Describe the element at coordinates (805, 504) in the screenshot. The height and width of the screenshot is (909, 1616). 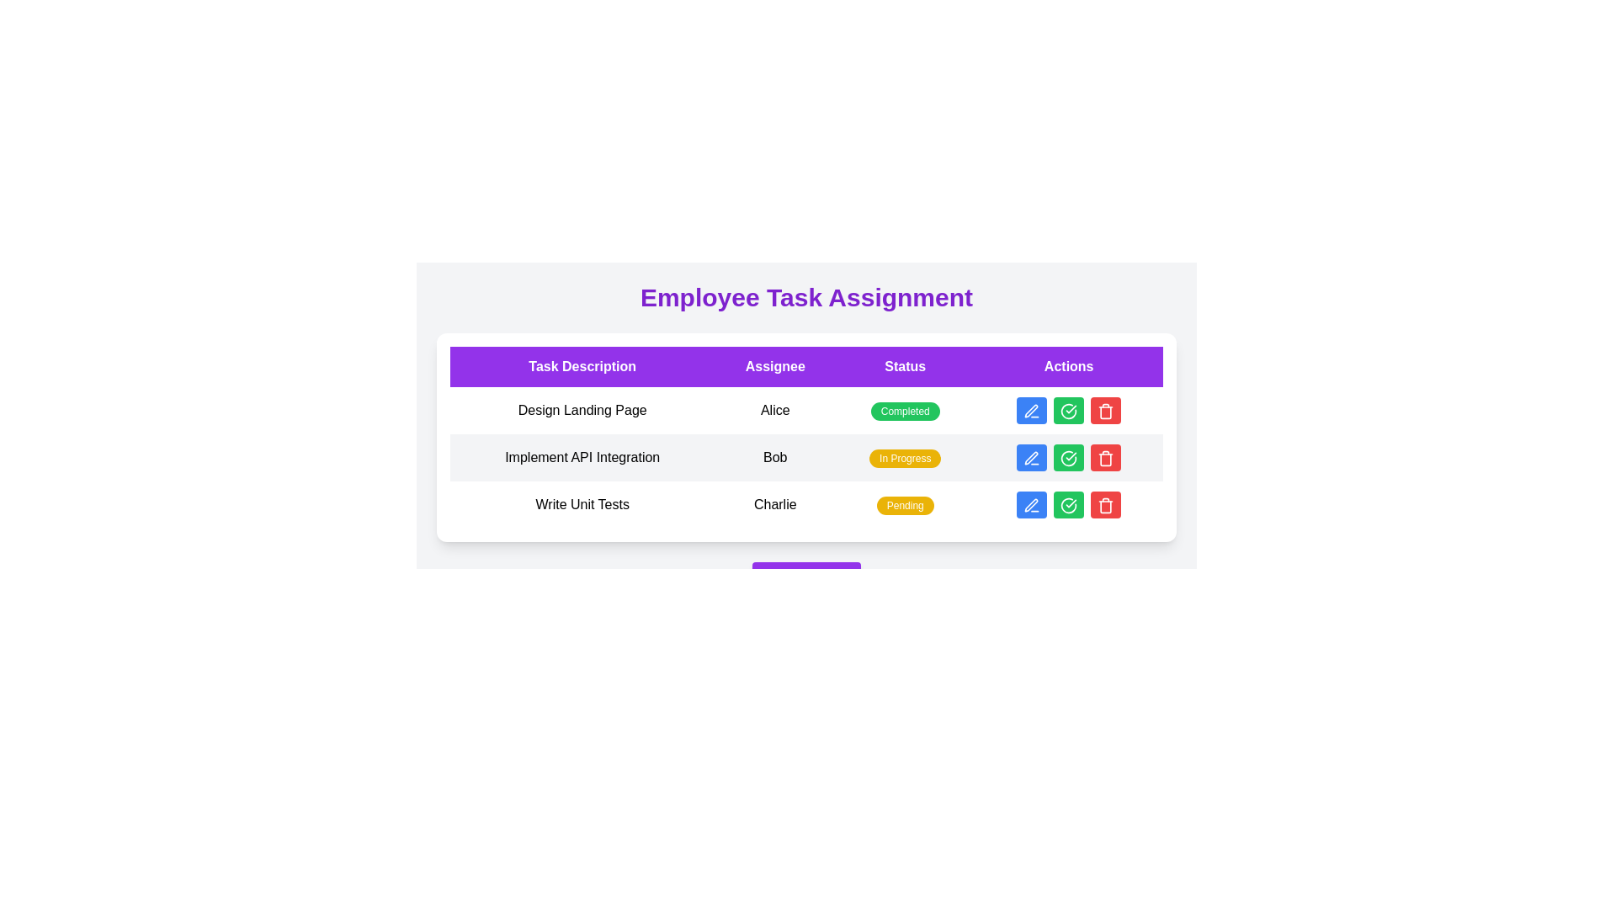
I see `the third row in the table containing the task description 'Write Unit Tests', assignee 'Charlie', status 'Pending', and action buttons including edit, confirm, and delete` at that location.